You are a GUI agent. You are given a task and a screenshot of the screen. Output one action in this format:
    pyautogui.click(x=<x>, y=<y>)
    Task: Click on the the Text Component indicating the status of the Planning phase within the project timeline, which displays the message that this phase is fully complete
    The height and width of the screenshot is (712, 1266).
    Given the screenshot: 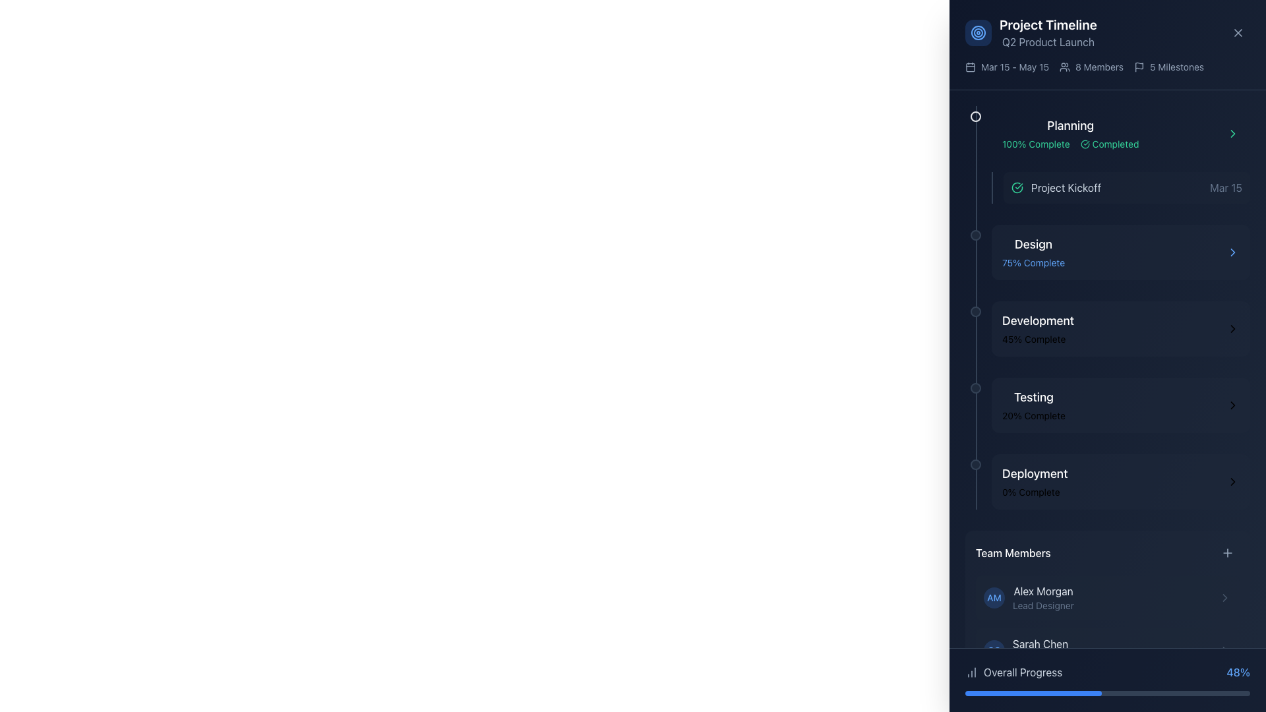 What is the action you would take?
    pyautogui.click(x=1070, y=134)
    